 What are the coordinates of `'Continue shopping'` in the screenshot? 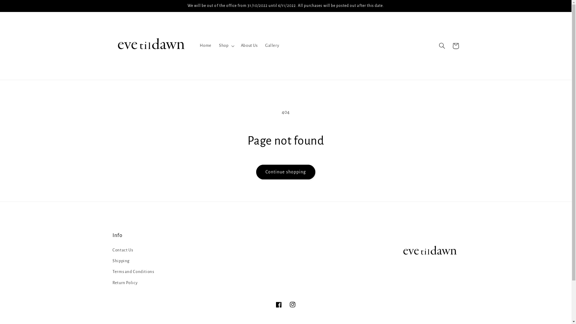 It's located at (286, 172).